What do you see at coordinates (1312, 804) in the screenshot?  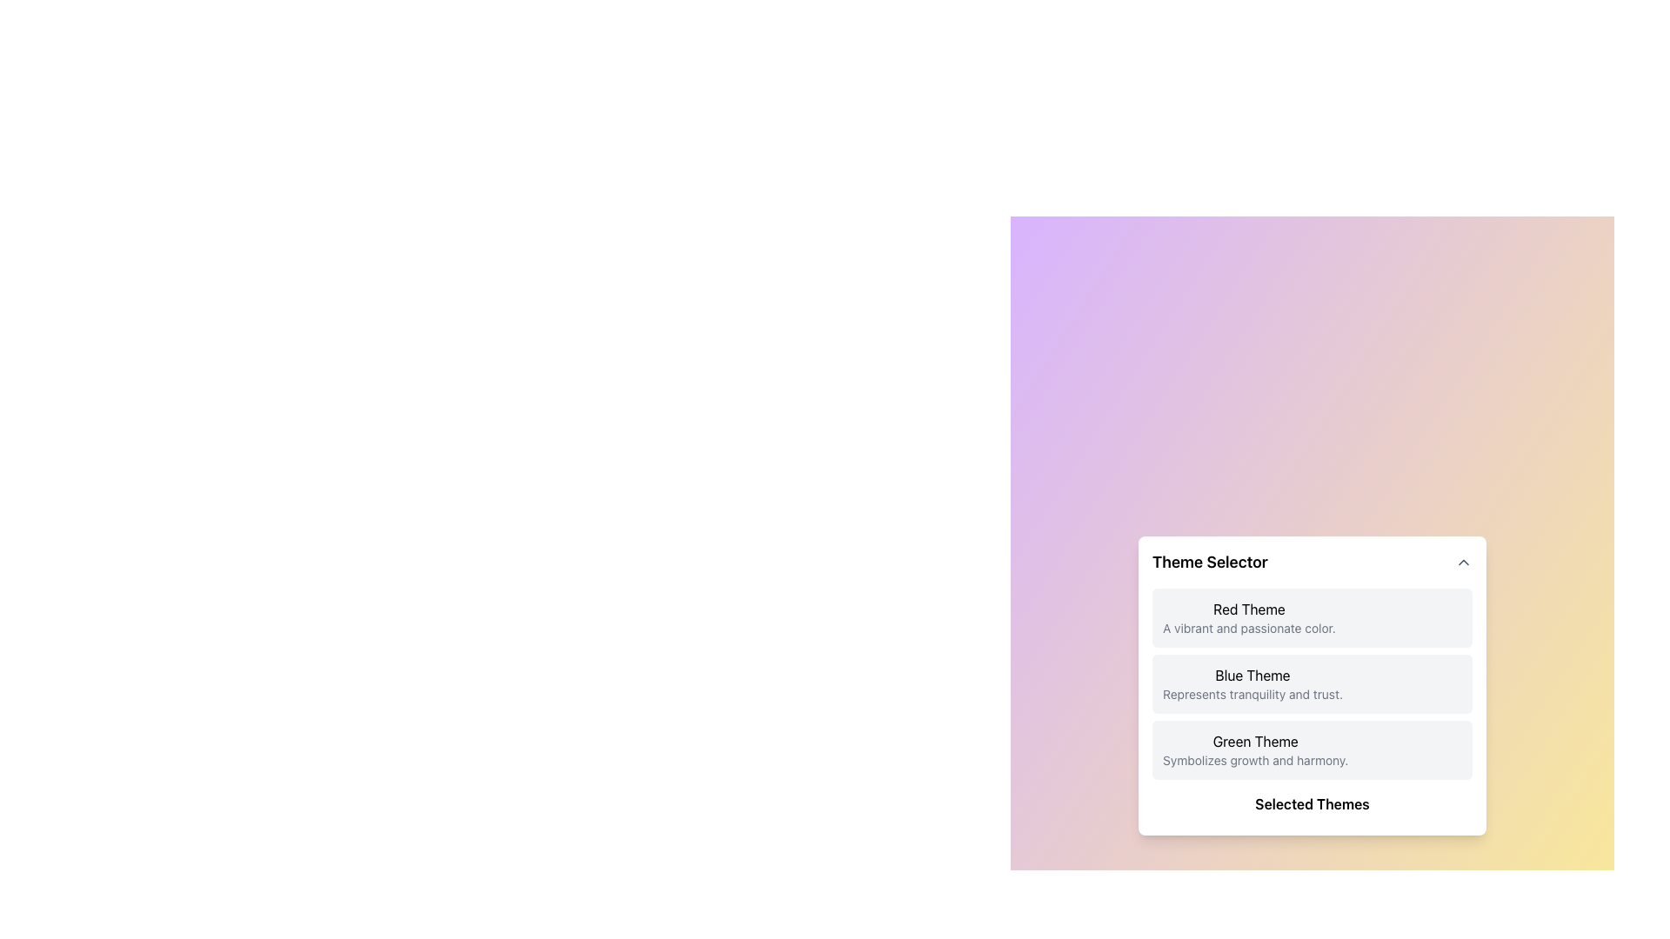 I see `the descriptive text label reading 'Selected Themes', which is styled in bold and positioned at the bottom of the 'Theme Selector' component` at bounding box center [1312, 804].